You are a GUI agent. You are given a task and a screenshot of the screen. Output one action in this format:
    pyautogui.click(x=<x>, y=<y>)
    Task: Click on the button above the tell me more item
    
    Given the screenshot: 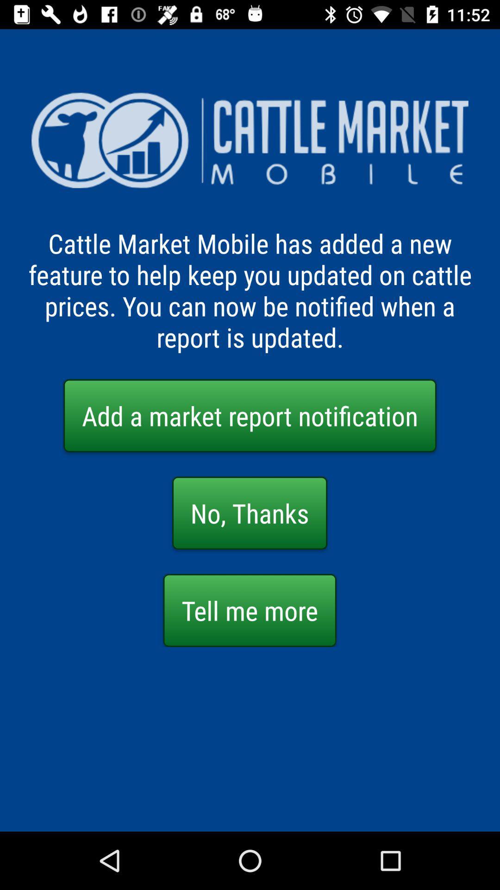 What is the action you would take?
    pyautogui.click(x=249, y=513)
    